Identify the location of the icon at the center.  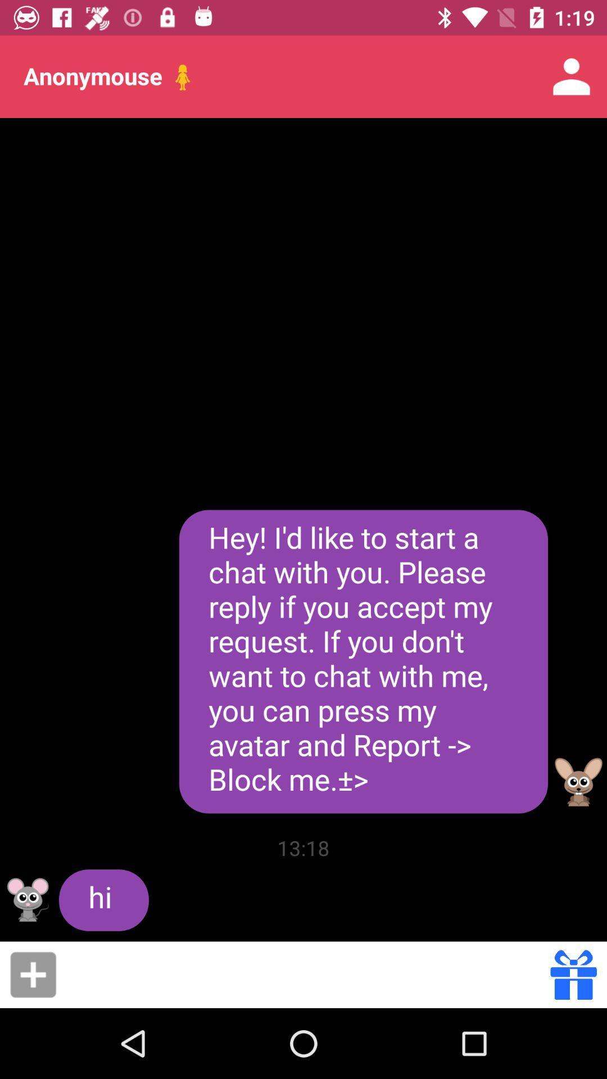
(363, 661).